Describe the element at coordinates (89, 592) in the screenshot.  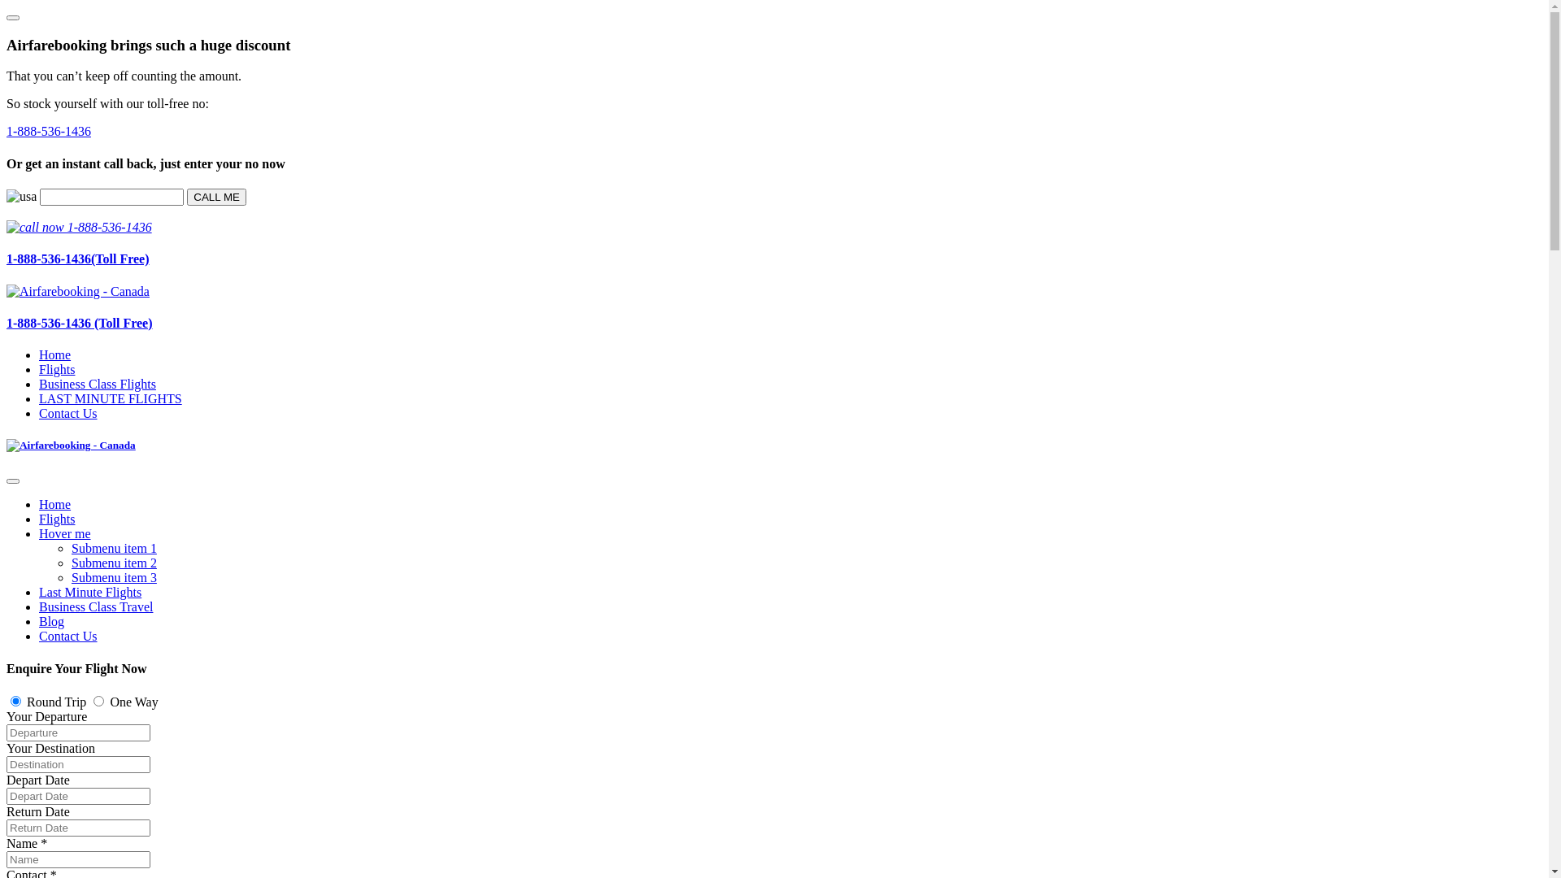
I see `'Last Minute Flights'` at that location.